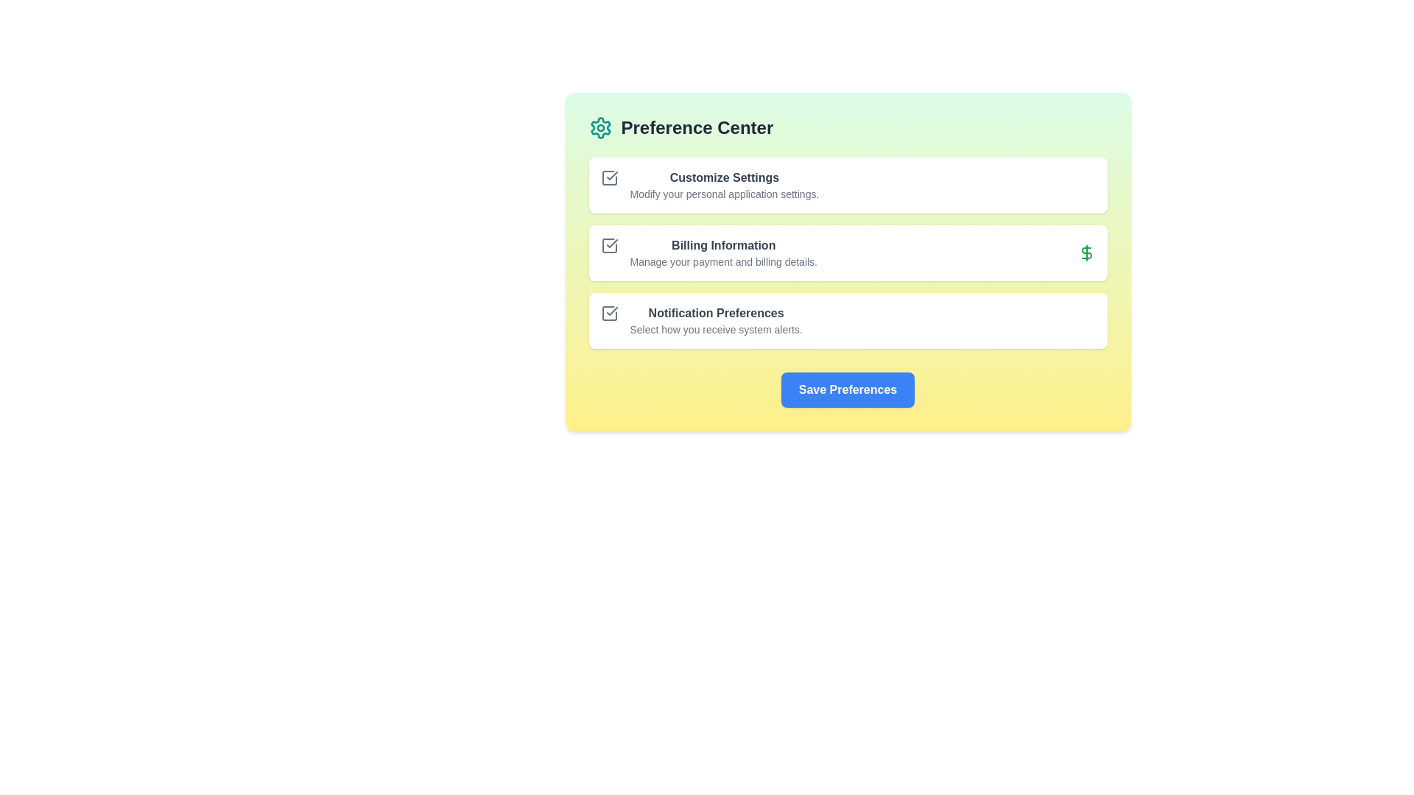 The width and height of the screenshot is (1414, 795). I want to click on contents of the text block labeled 'Billing Information' which includes the title in bold and the description text next to a check mark icon, so click(708, 252).